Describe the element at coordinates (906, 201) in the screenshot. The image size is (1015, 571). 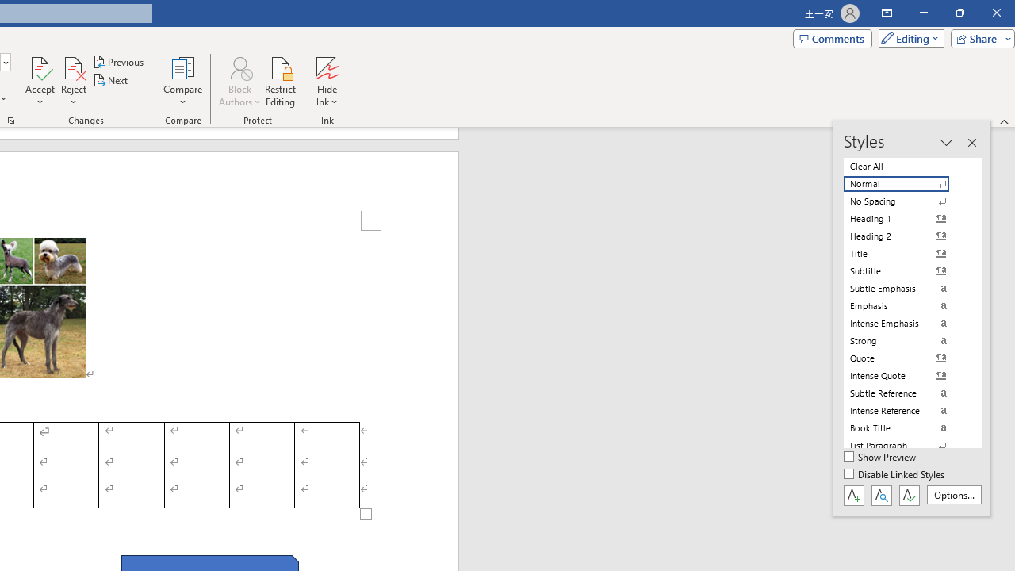
I see `'No Spacing'` at that location.